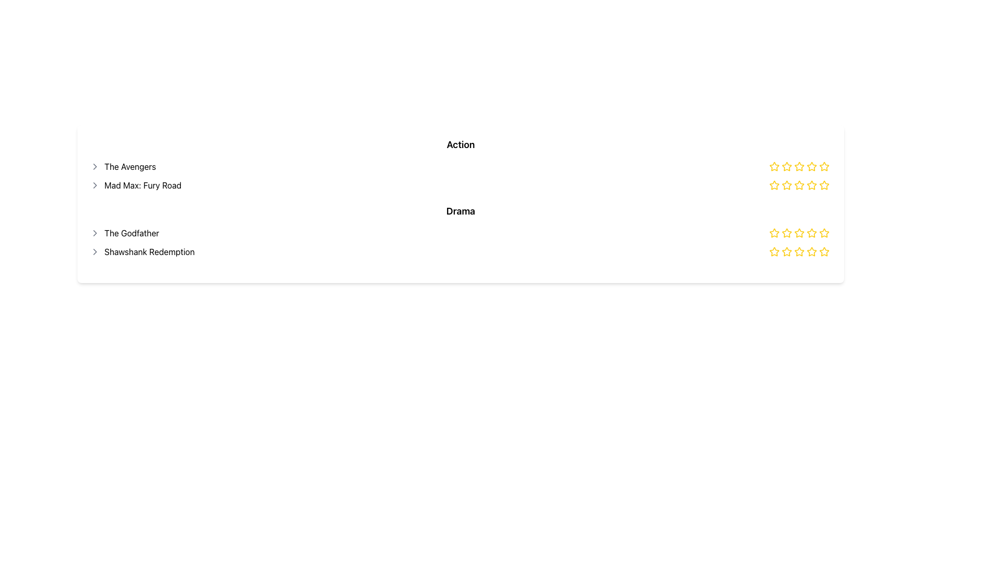 The image size is (998, 561). Describe the element at coordinates (798, 251) in the screenshot. I see `the third star in the five-star rating interface to give the movie 'Shawshank Redemption' a three-star rating` at that location.